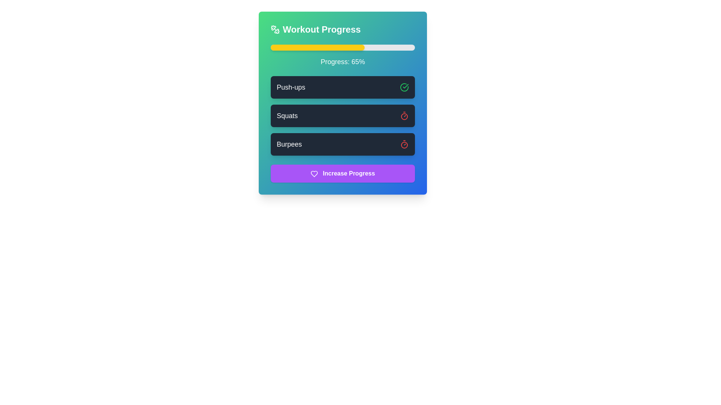 The height and width of the screenshot is (405, 721). I want to click on the heart icon which serves as a status indicator for favorite items, located below the progress bar and aligned with the 'Burpees' text label, so click(314, 174).